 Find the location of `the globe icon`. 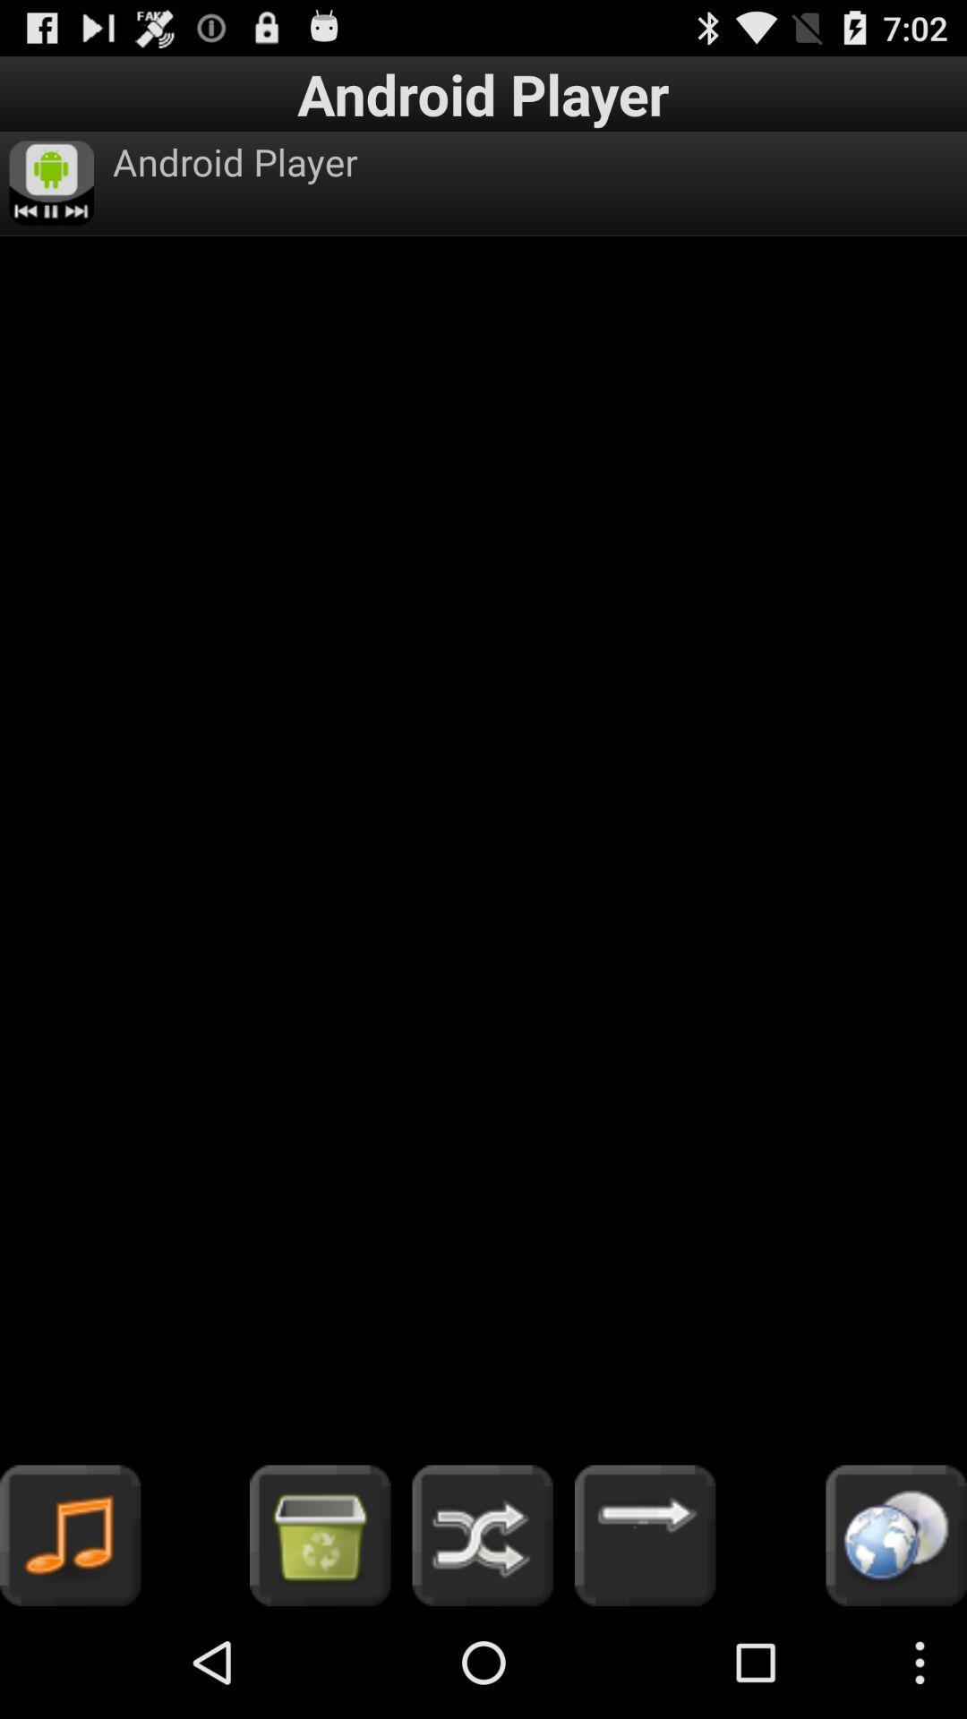

the globe icon is located at coordinates (896, 1643).